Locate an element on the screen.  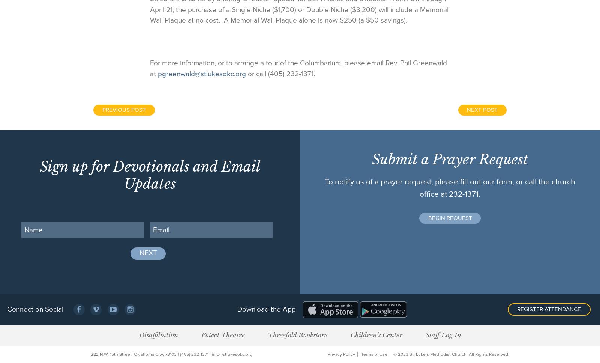
'Submit a Prayer Request' is located at coordinates (450, 159).